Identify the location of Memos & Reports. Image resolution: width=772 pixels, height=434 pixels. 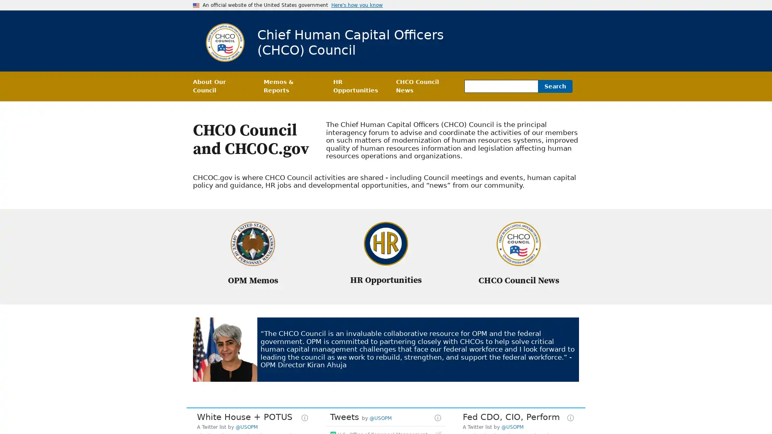
(291, 86).